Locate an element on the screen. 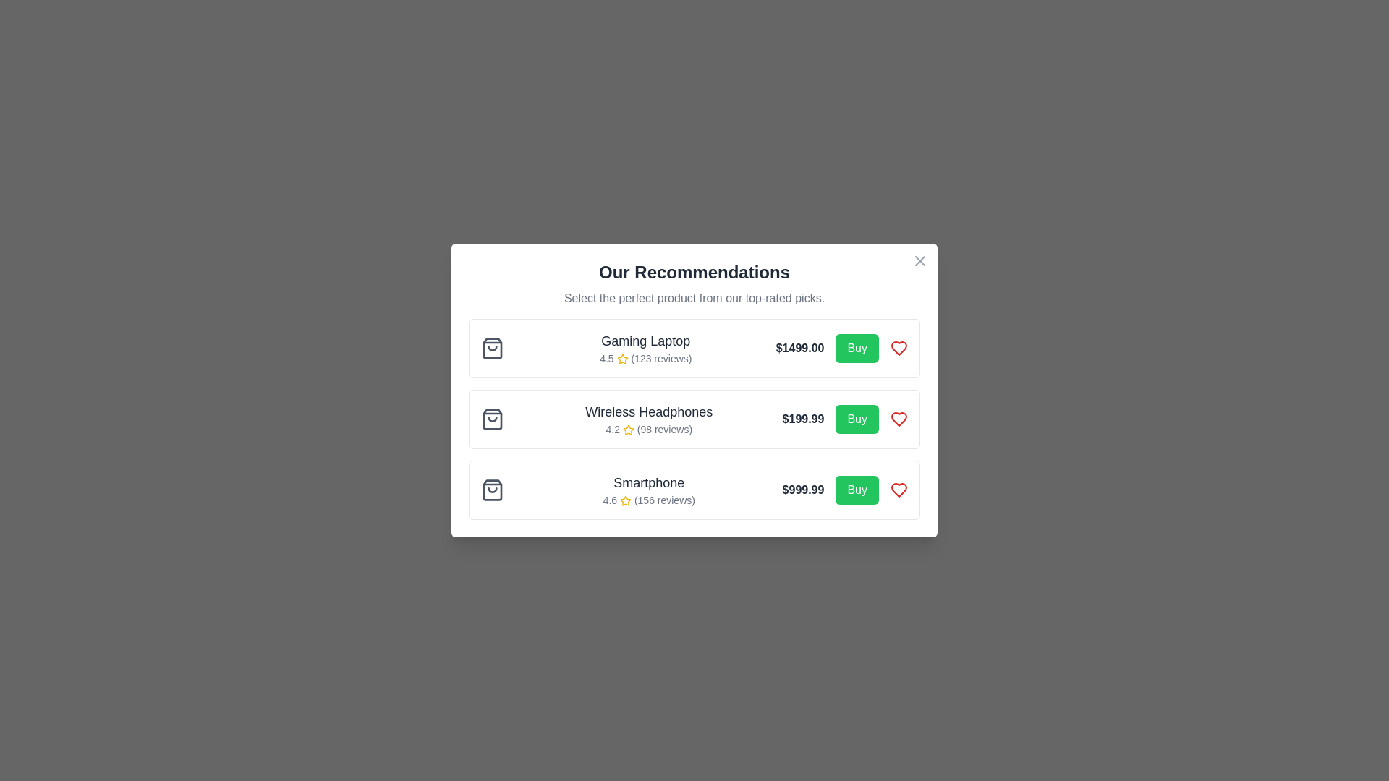 This screenshot has width=1389, height=781. the circular 'X' button located at the top-right corner of the modal window titled 'Our Recommendations' is located at coordinates (919, 261).